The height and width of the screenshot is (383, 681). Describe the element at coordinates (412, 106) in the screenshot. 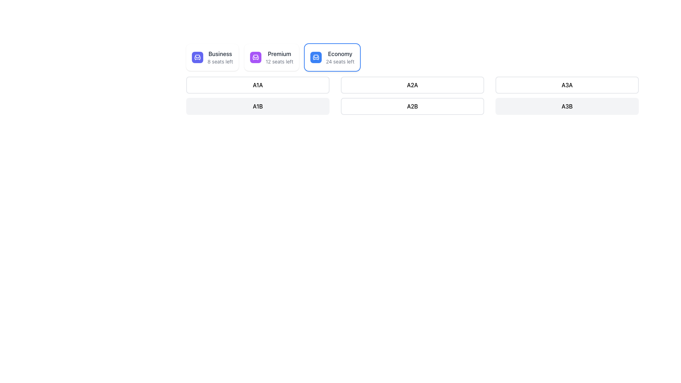

I see `the button labeled 'A2B' with a white background and bold text, located directly below the 'A2A' button in the 'Economy' section` at that location.